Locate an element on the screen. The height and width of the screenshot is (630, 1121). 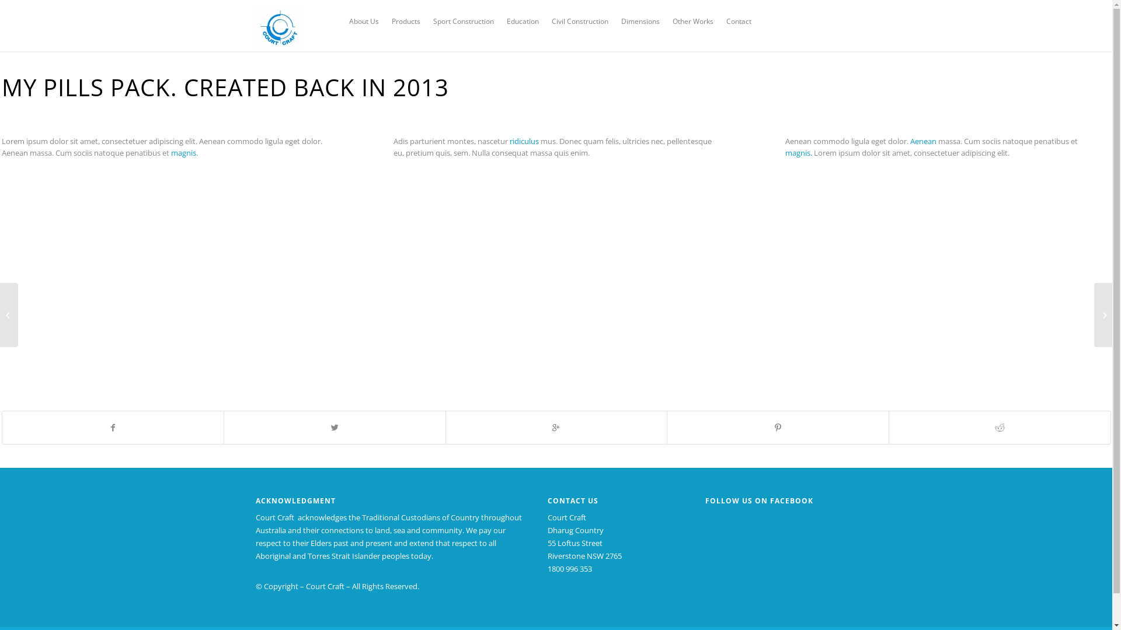
'Products' is located at coordinates (406, 22).